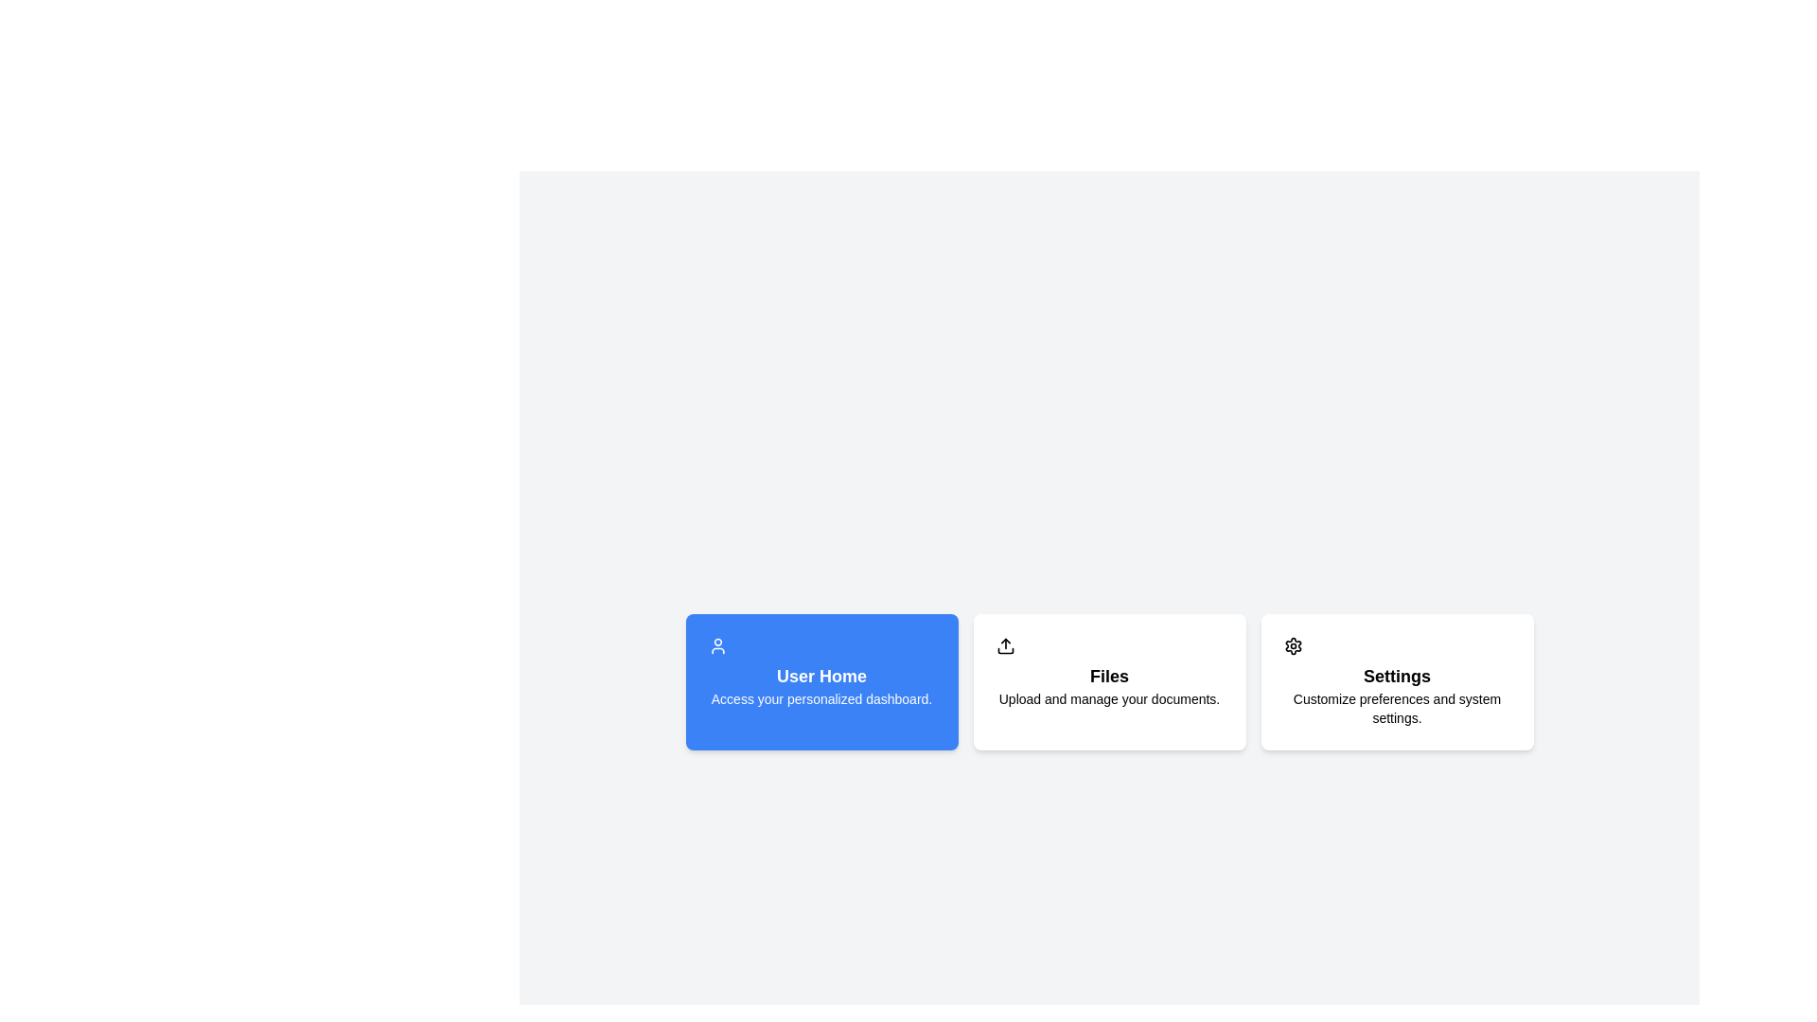  I want to click on the third card in the row that serves as a navigational link, so click(1397, 682).